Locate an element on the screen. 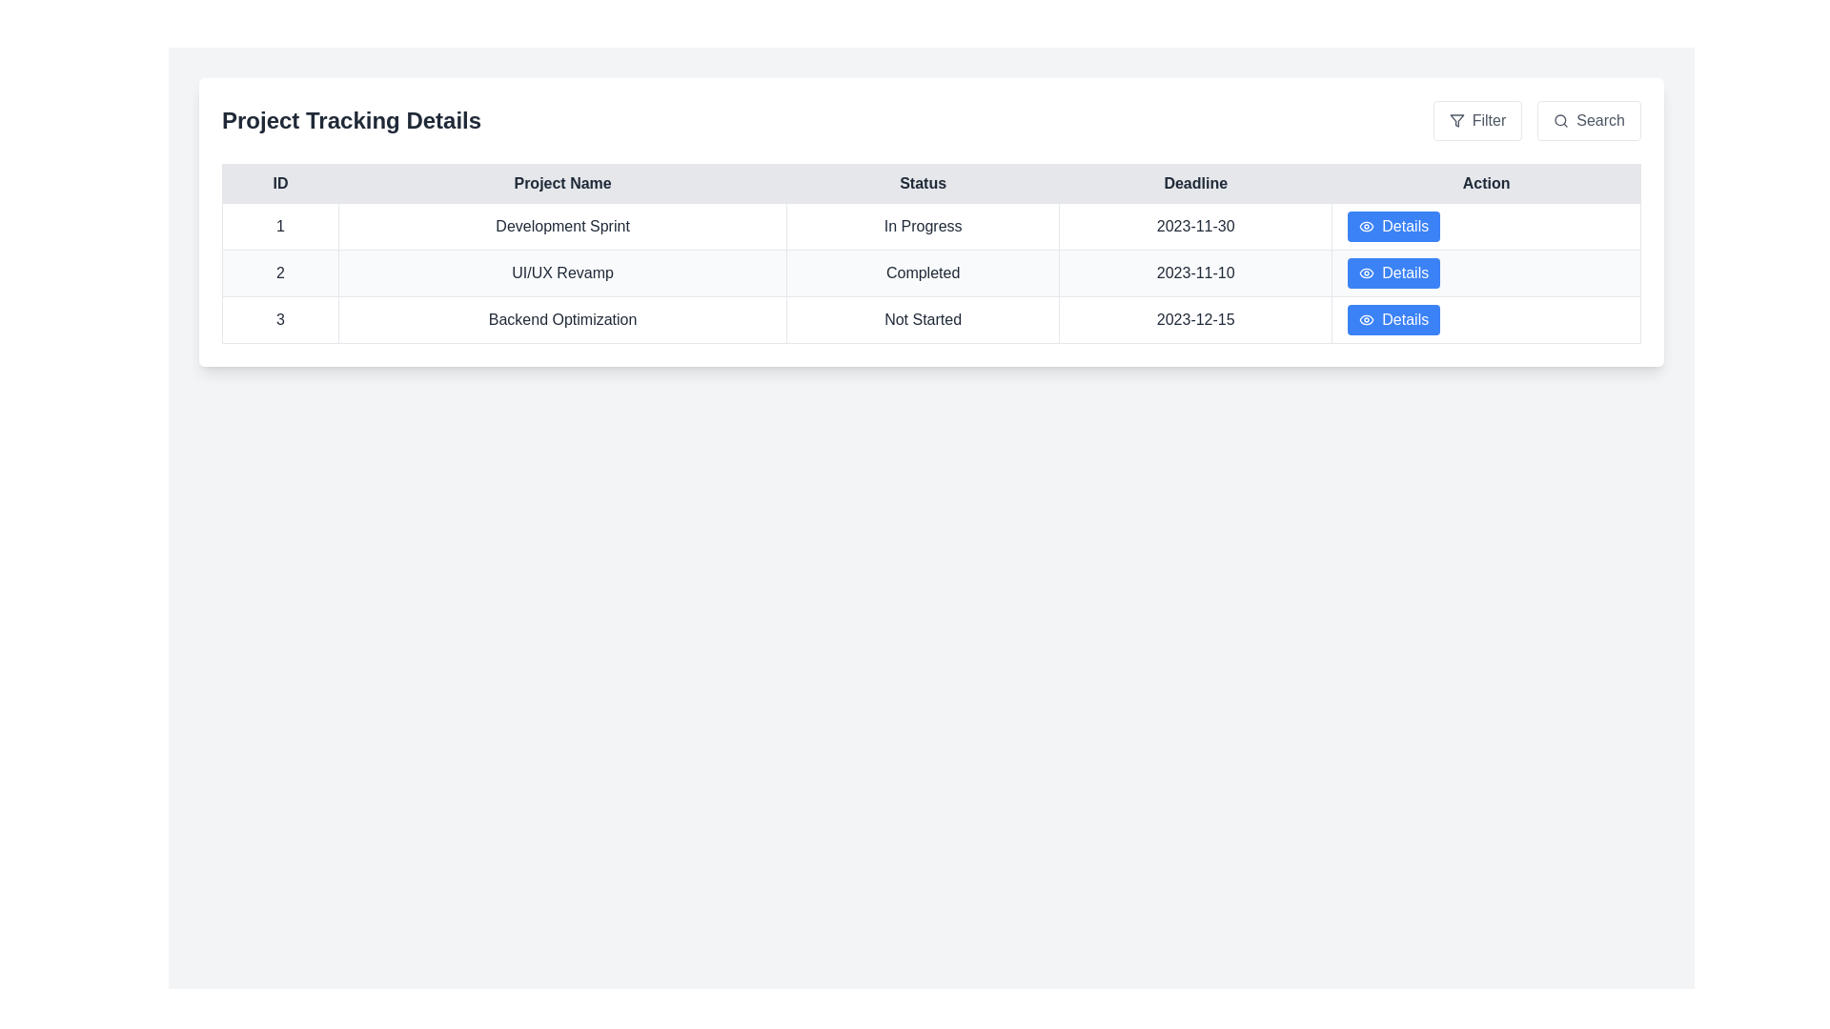 This screenshot has height=1029, width=1830. the third 'Details' button in the 'Action' column of the table, which is adjacent to the project name 'UI/UX Revamp' and the due date '2023-11-10' is located at coordinates (1405, 272).